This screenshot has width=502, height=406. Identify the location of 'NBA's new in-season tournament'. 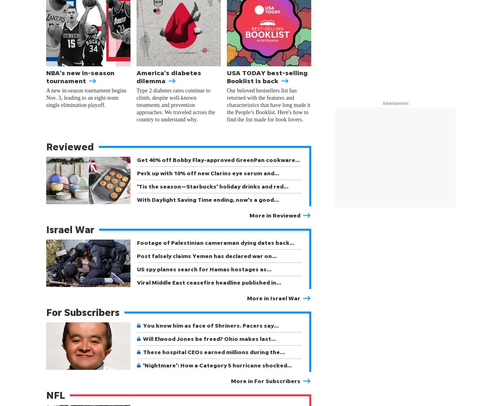
(80, 76).